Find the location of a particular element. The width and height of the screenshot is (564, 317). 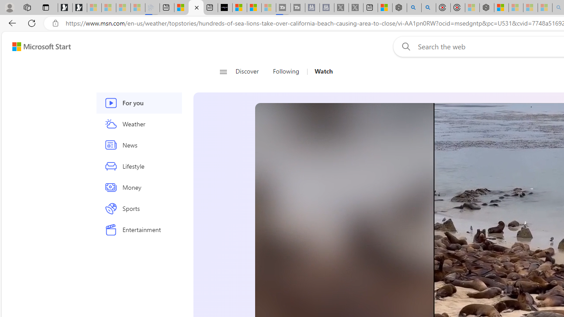

'Class: button-glyph' is located at coordinates (223, 71).